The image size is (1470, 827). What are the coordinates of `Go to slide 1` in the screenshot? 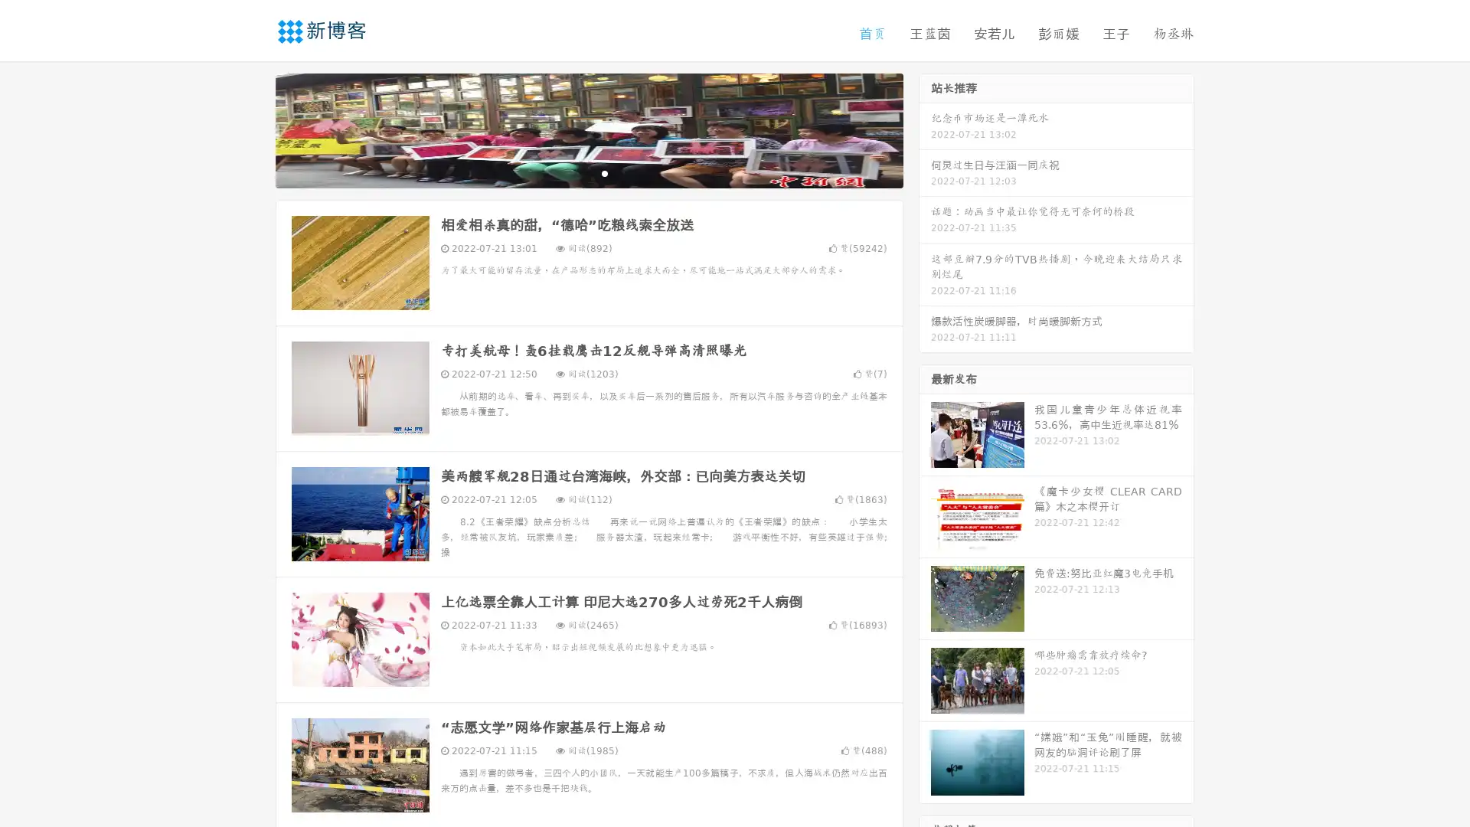 It's located at (573, 172).